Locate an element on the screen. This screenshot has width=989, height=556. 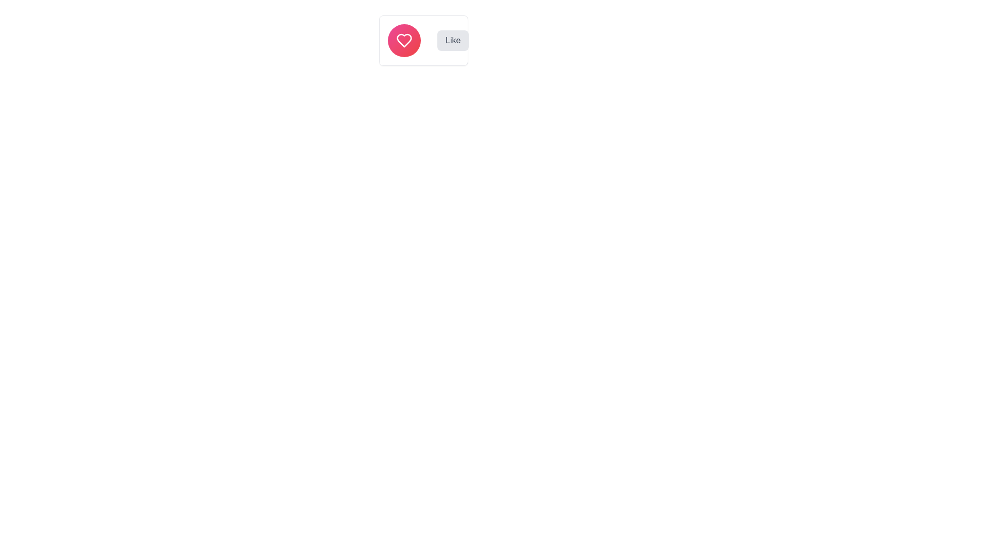
the 'Like' button with rounded corners and a light gray background is located at coordinates (453, 40).